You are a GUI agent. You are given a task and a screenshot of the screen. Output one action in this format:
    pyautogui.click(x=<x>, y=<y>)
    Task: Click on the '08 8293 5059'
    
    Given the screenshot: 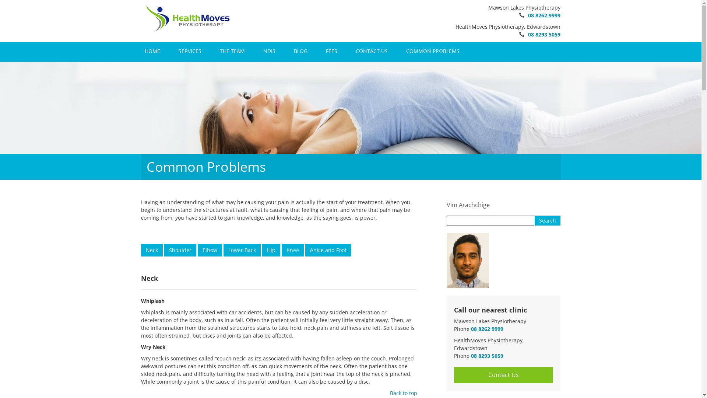 What is the action you would take?
    pyautogui.click(x=544, y=34)
    